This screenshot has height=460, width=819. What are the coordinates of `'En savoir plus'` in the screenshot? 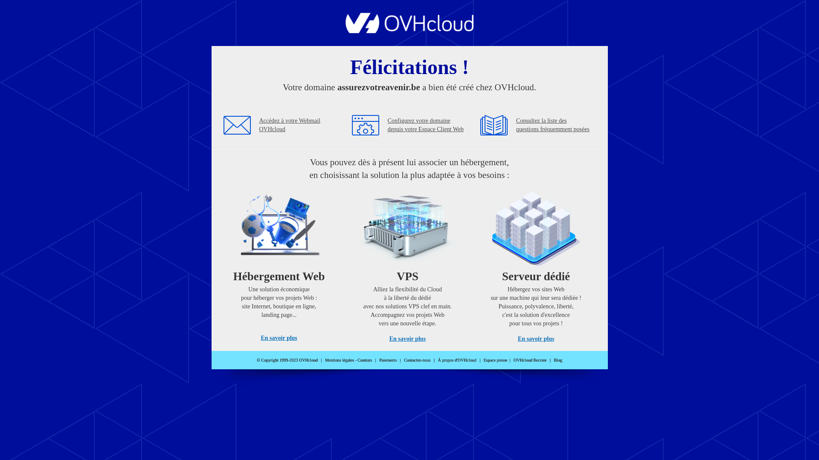 It's located at (279, 337).